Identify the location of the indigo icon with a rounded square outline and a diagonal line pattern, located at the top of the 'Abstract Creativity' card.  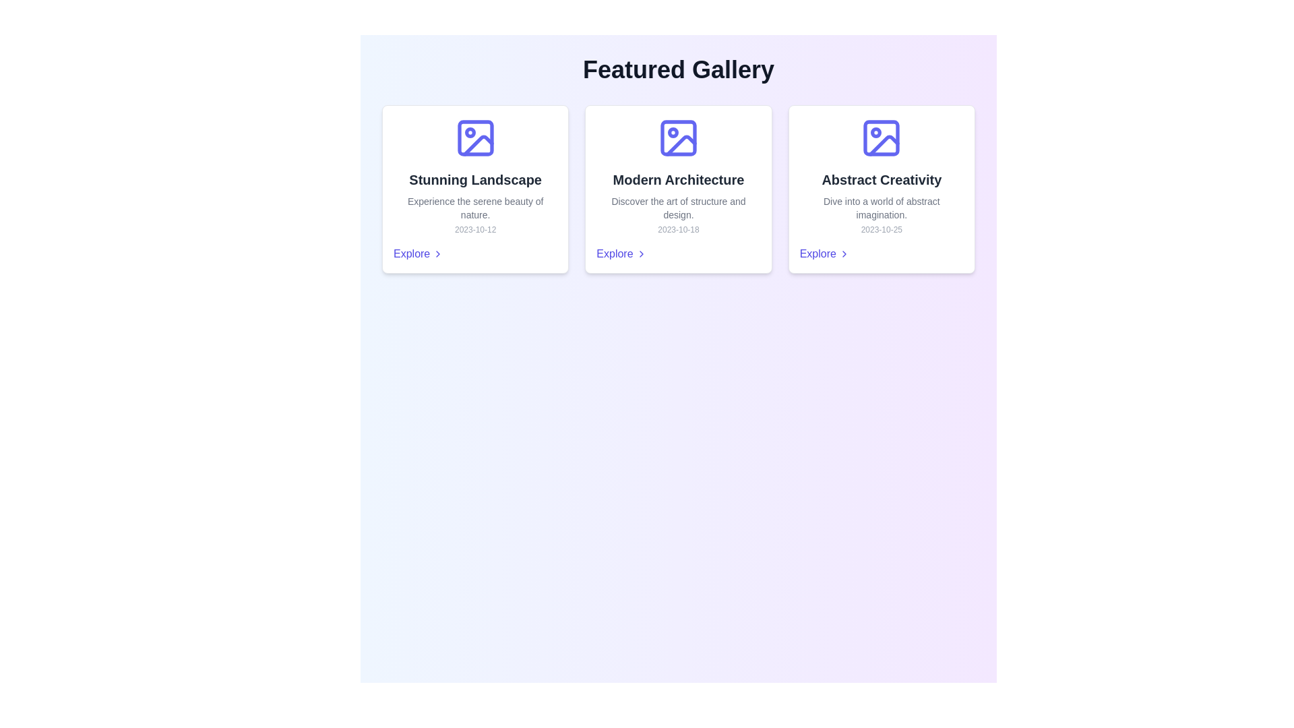
(882, 138).